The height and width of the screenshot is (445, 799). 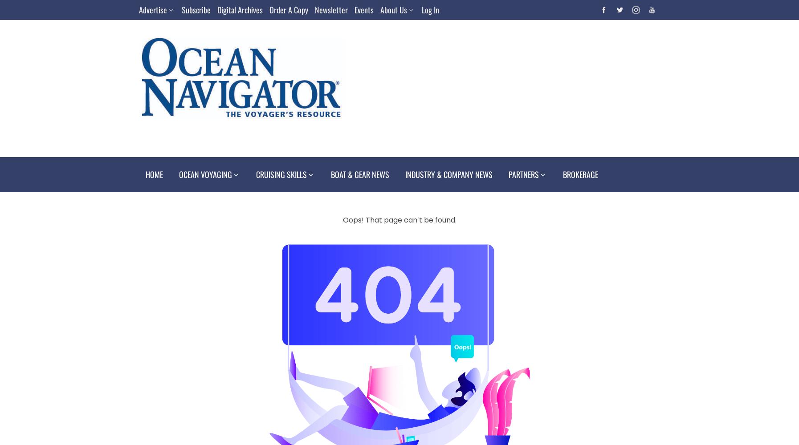 What do you see at coordinates (360, 174) in the screenshot?
I see `'Boat & Gear News'` at bounding box center [360, 174].